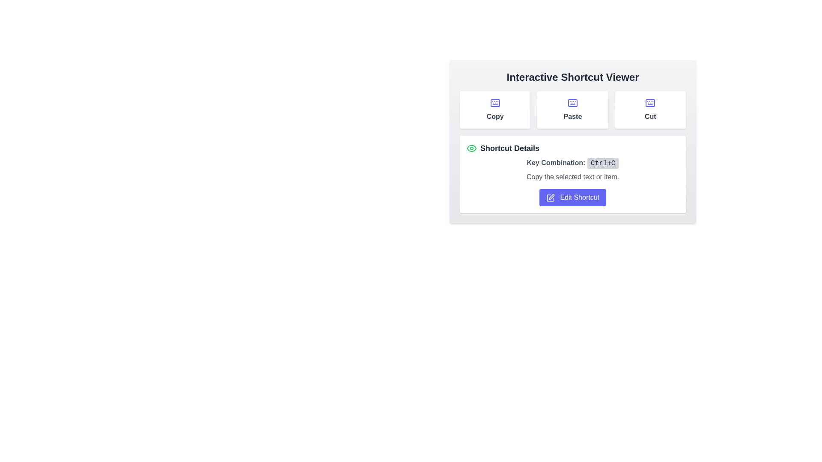 The width and height of the screenshot is (822, 462). Describe the element at coordinates (573, 176) in the screenshot. I see `the label that contains the text 'Copy the selected text or item.' located in the 'Shortcut Details' section, positioned below 'Key Combination: Ctrl+C' and above 'Edit Shortcut' button` at that location.